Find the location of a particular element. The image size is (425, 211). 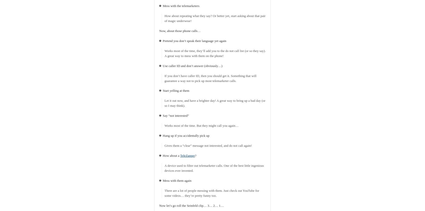

'TeleZapper' is located at coordinates (187, 155).